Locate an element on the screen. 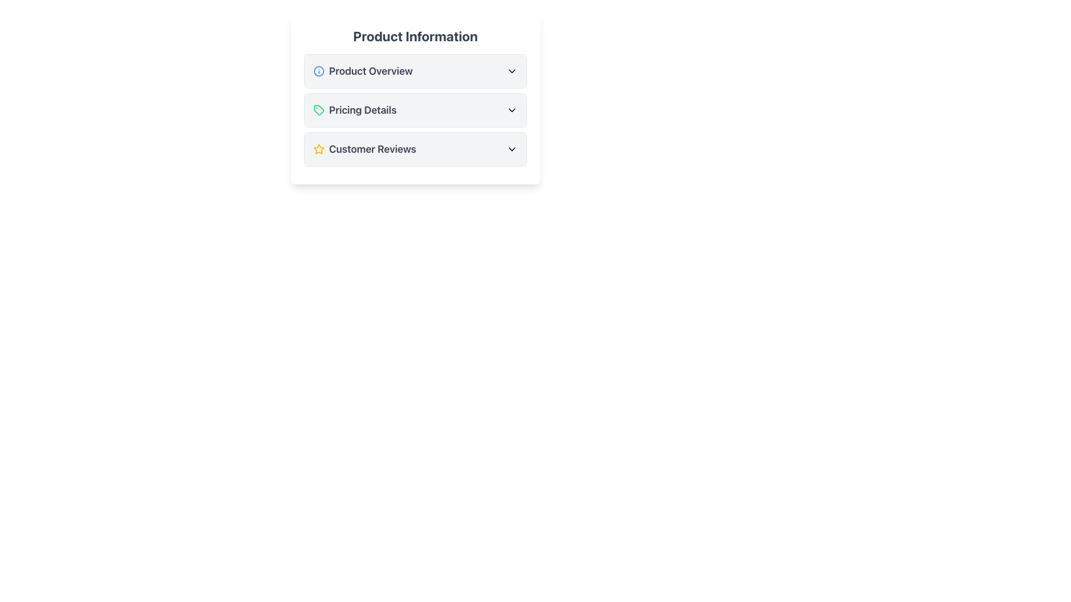 The image size is (1071, 602). the 'Product Overview' dropdown menu item, which is the first item is located at coordinates (414, 71).